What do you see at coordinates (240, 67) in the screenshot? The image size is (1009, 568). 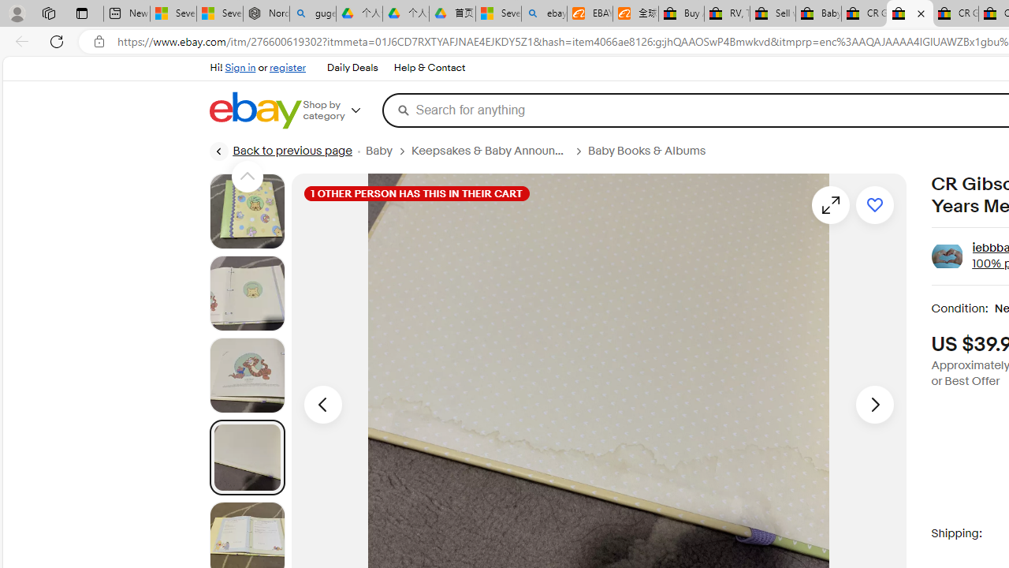 I see `'Sign in'` at bounding box center [240, 67].